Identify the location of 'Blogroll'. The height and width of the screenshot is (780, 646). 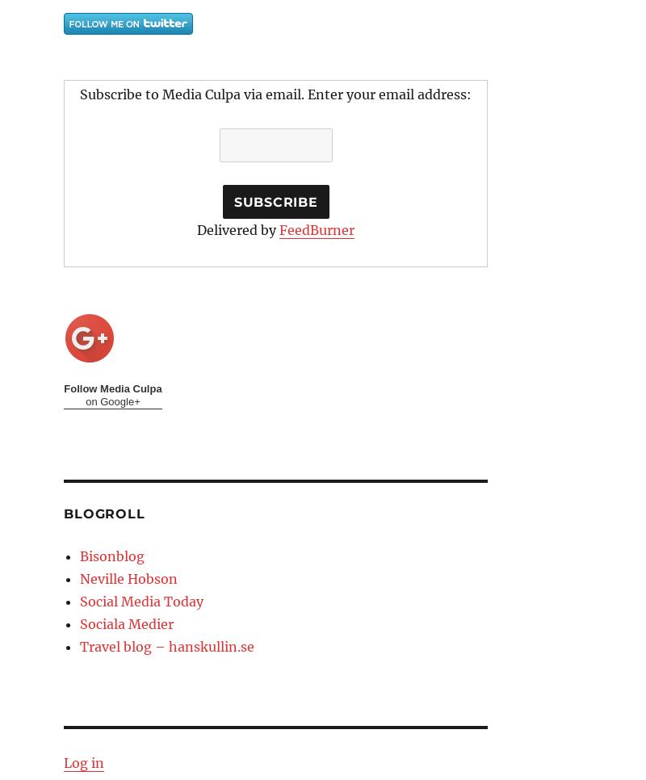
(103, 513).